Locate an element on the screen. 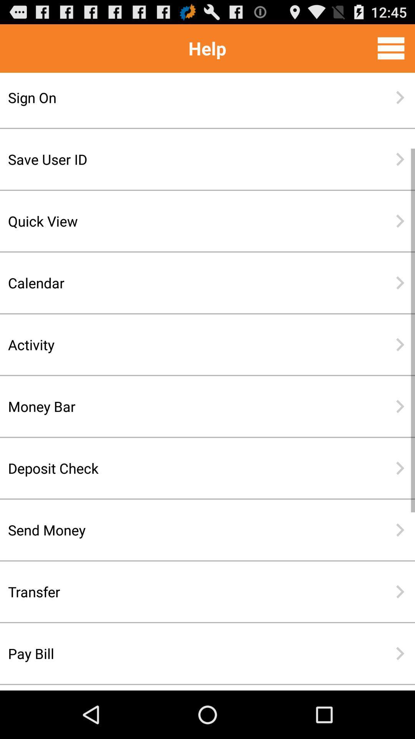  the item above the money bar item is located at coordinates (183, 344).